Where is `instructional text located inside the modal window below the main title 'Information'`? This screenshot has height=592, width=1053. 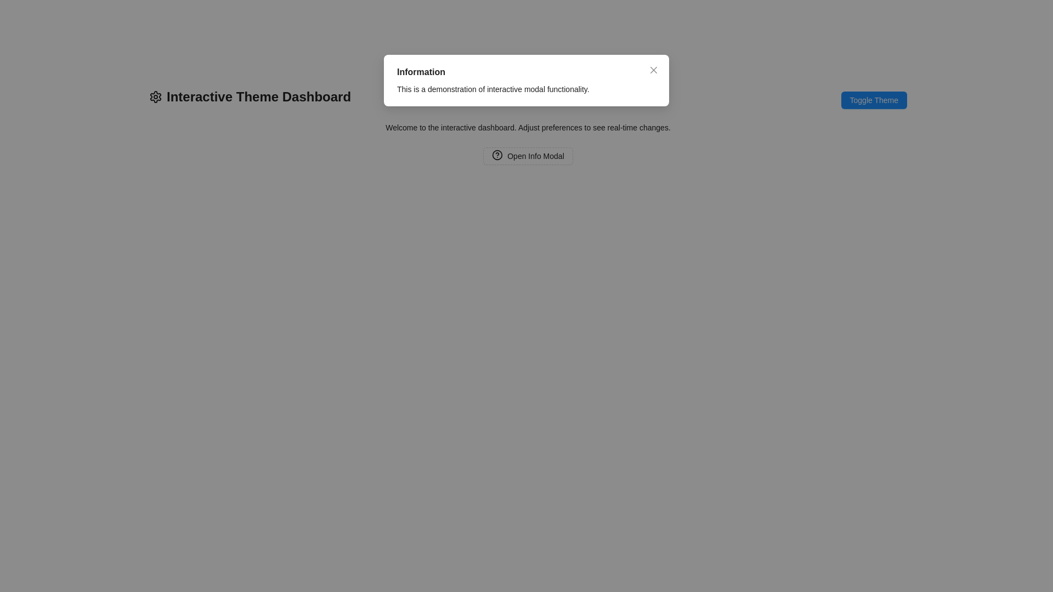 instructional text located inside the modal window below the main title 'Information' is located at coordinates (528, 127).